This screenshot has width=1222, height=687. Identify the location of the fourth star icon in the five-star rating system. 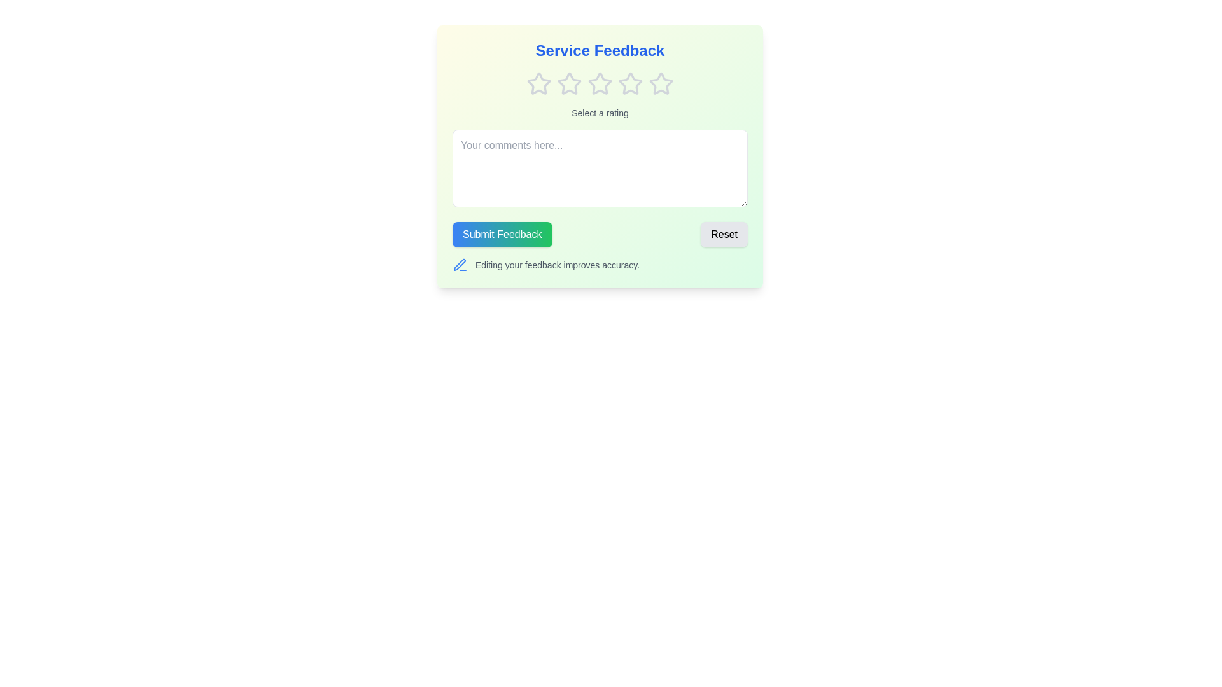
(630, 83).